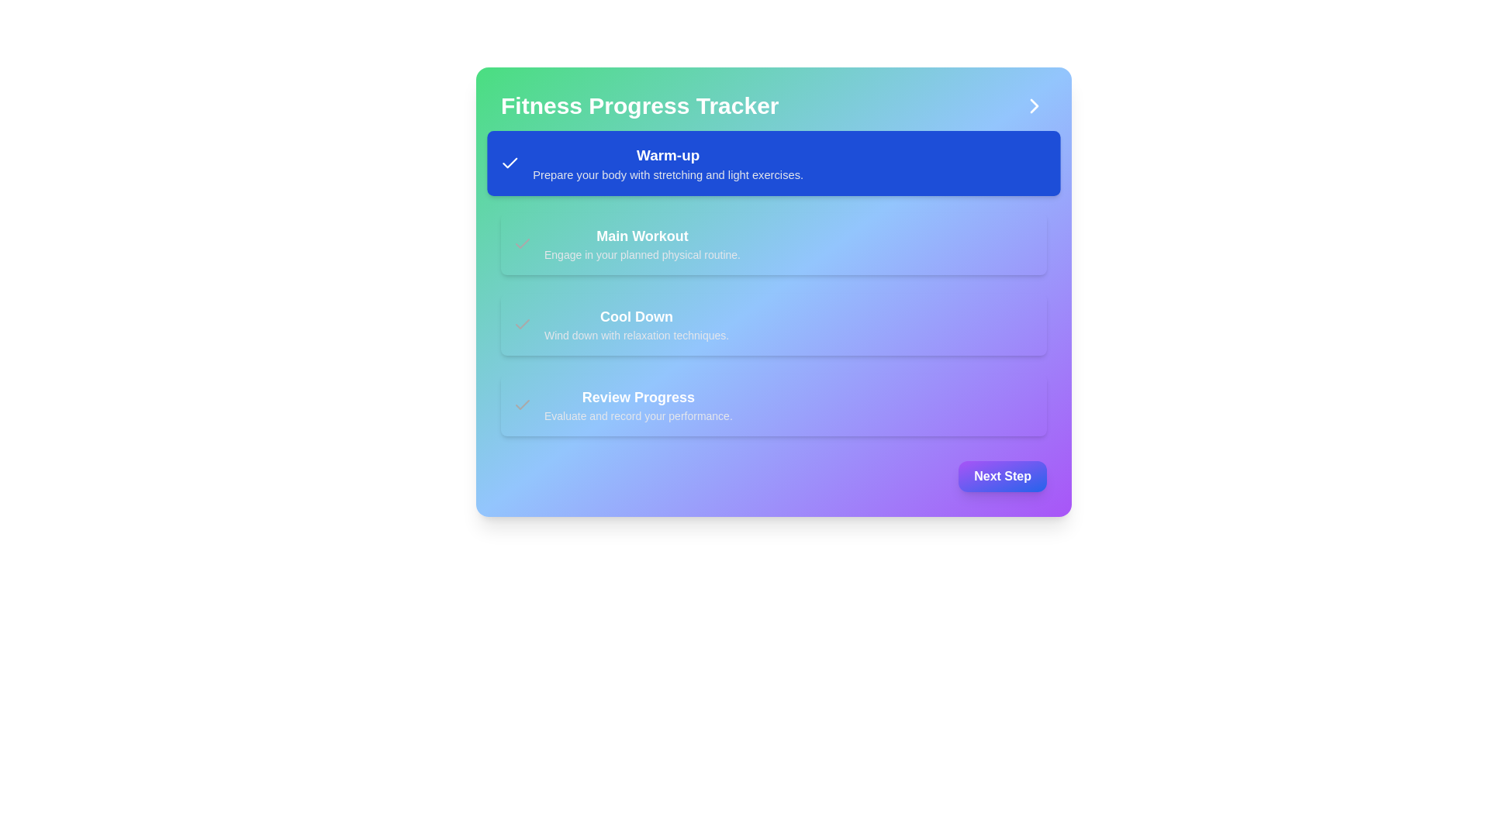 The height and width of the screenshot is (837, 1489). What do you see at coordinates (774, 284) in the screenshot?
I see `the progress tracker card that visually represents the steps and their completion statuses in the 'Fitness Progress Tracker'` at bounding box center [774, 284].